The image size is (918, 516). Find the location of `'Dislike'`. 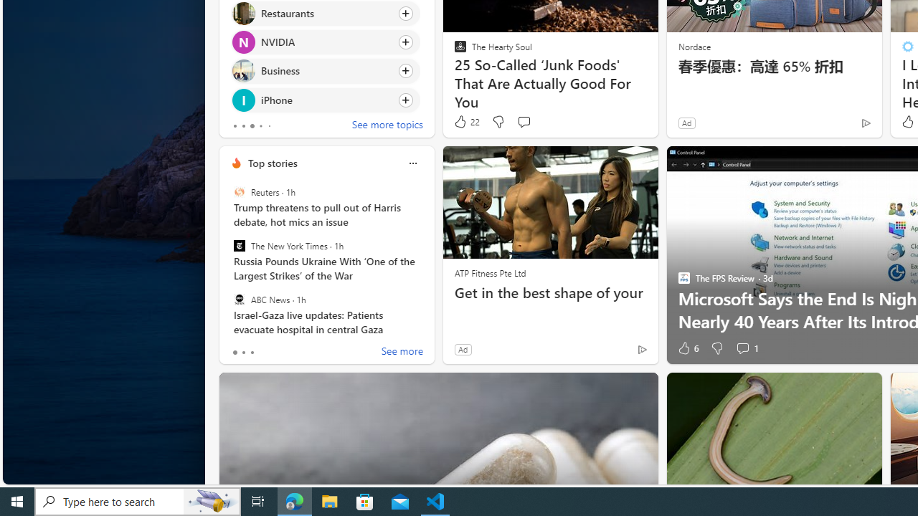

'Dislike' is located at coordinates (716, 348).